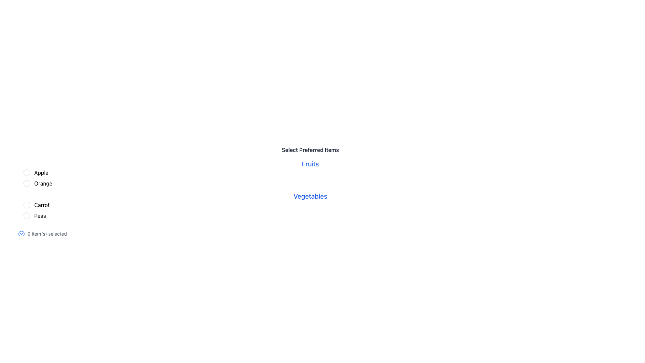  Describe the element at coordinates (27, 215) in the screenshot. I see `the radio button for the 'Peas' option` at that location.